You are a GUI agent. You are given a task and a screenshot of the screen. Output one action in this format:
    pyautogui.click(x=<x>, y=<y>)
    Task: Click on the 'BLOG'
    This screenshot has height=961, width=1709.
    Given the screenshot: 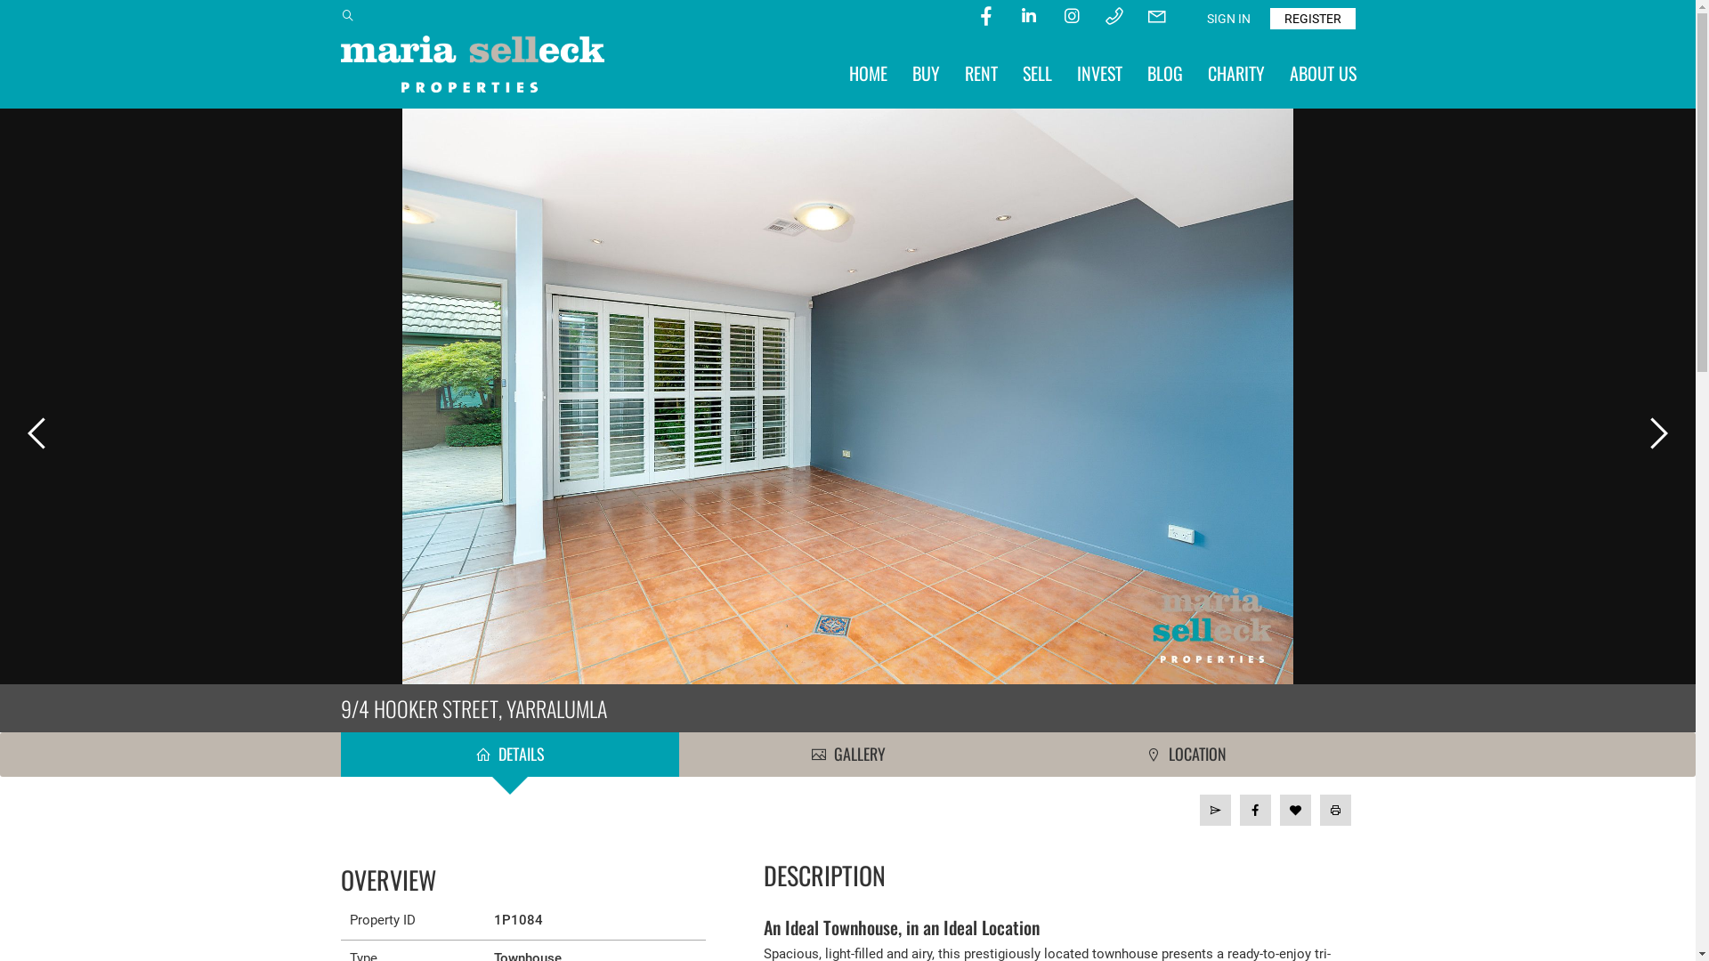 What is the action you would take?
    pyautogui.click(x=1164, y=71)
    